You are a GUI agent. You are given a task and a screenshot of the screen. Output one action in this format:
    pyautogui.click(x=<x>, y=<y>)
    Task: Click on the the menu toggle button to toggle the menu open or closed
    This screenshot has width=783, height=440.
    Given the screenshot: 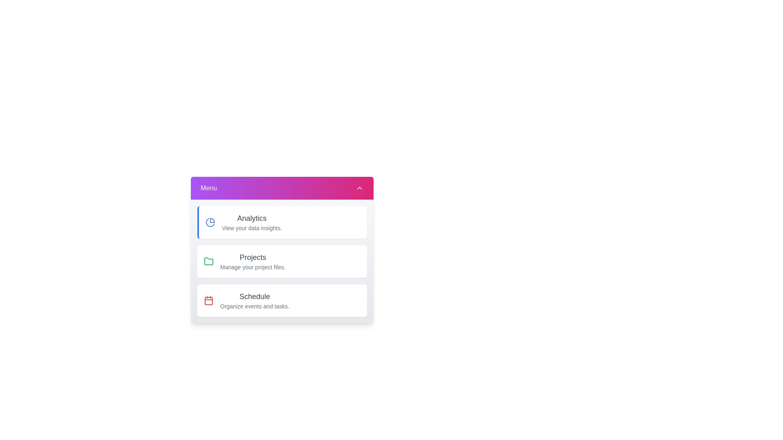 What is the action you would take?
    pyautogui.click(x=282, y=188)
    